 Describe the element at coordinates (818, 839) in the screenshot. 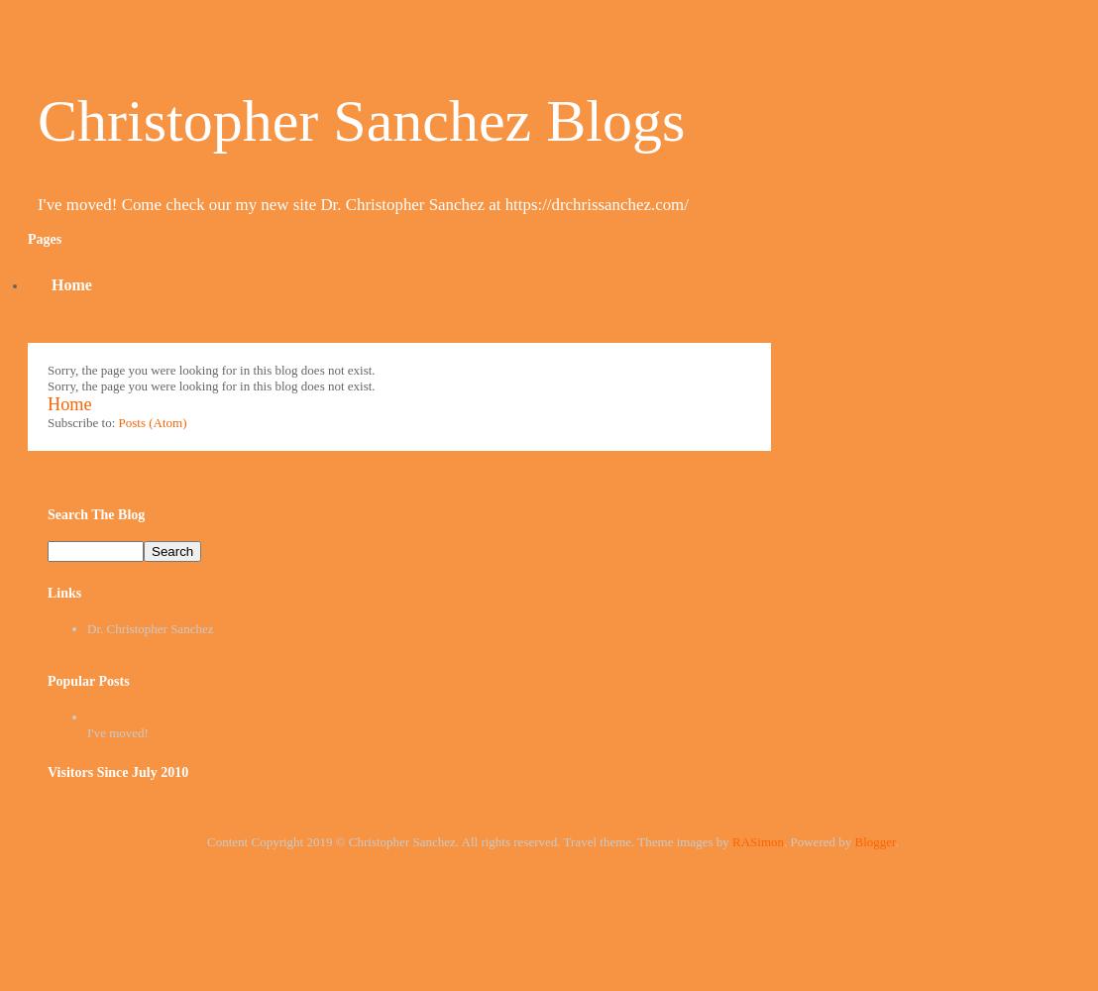

I see `'. Powered by'` at that location.